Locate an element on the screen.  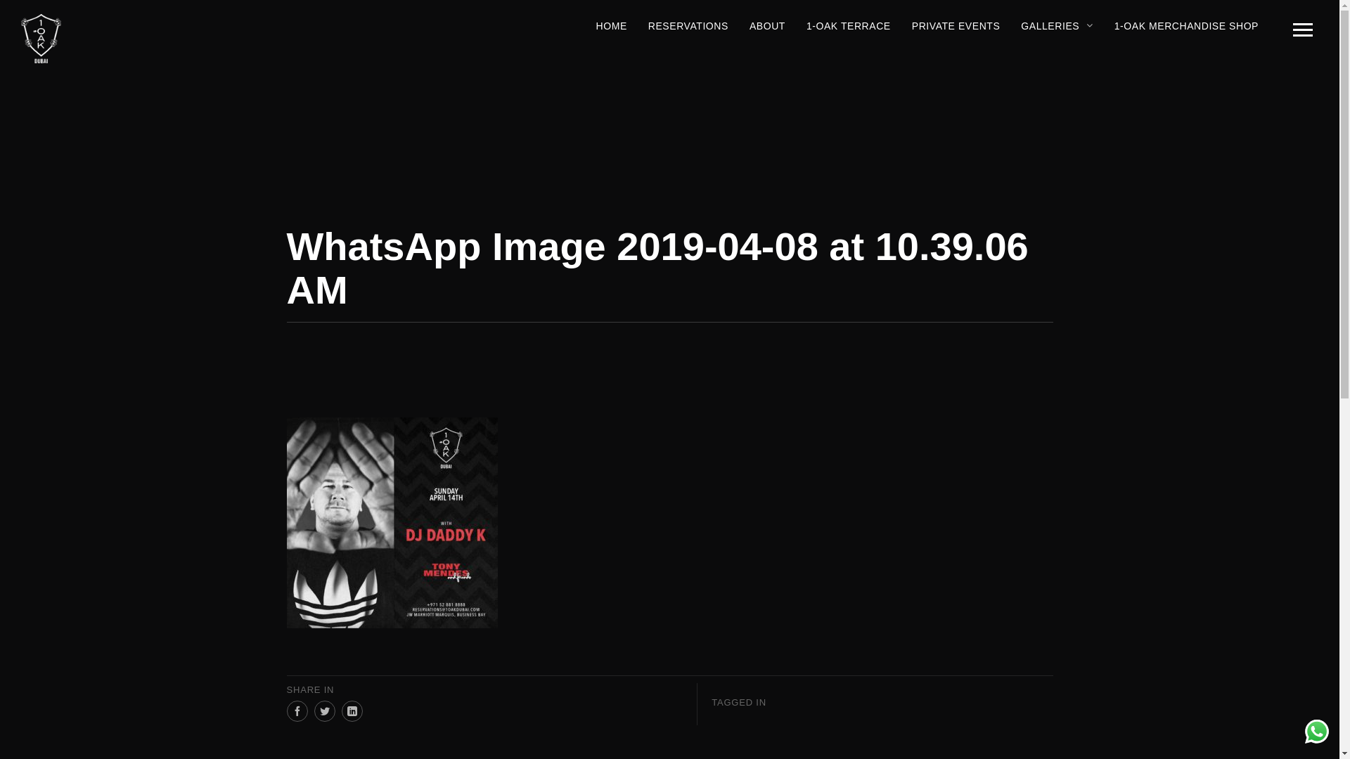
'PRIVATE EVENTS' is located at coordinates (956, 26).